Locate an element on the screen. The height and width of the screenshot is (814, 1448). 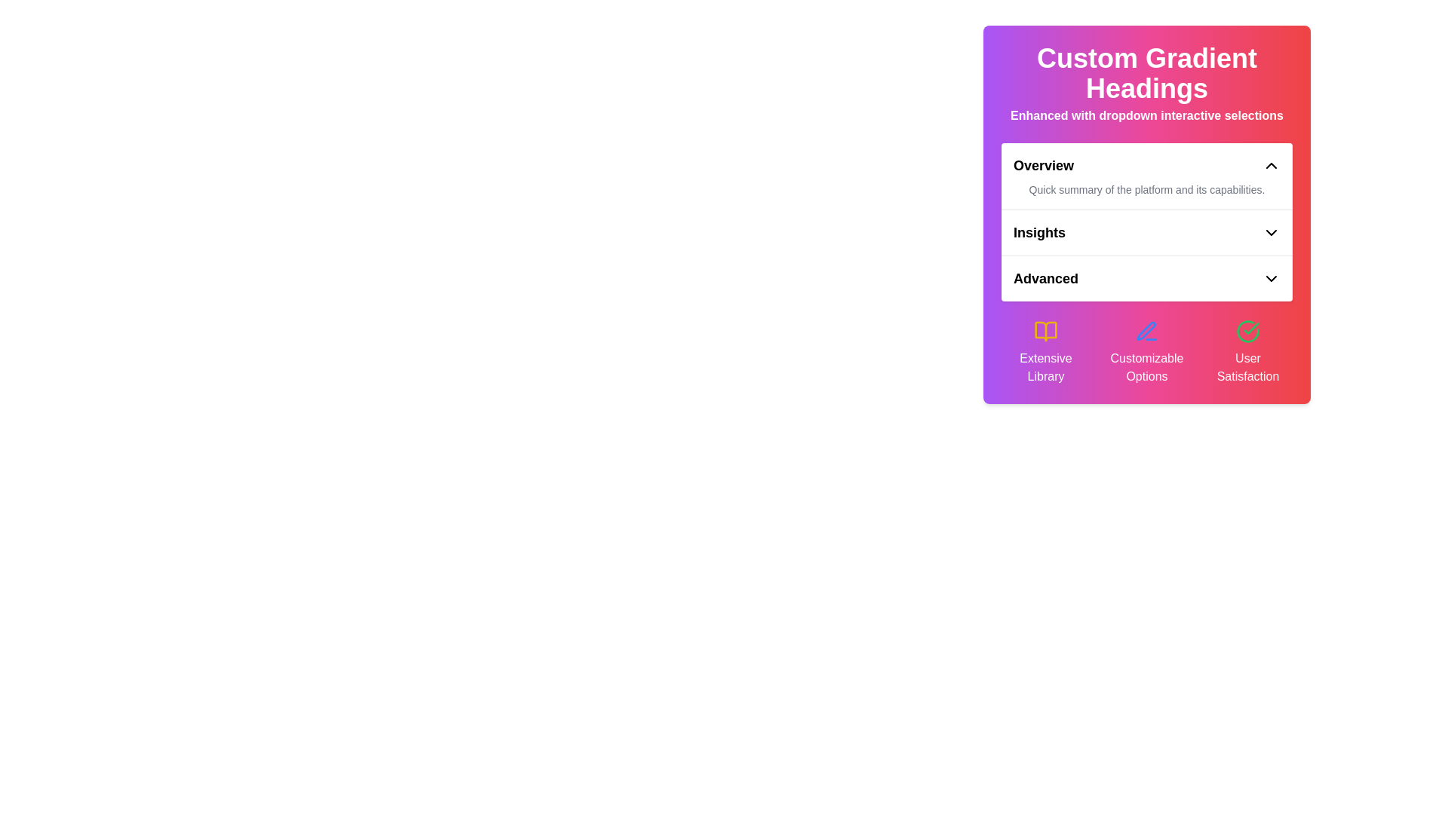
the downward-facing chevron icon on the right side of the 'Insights' section is located at coordinates (1270, 232).